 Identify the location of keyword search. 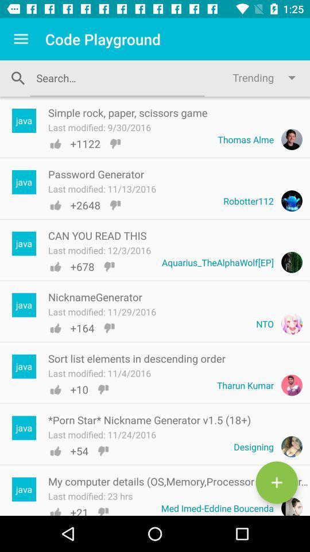
(117, 77).